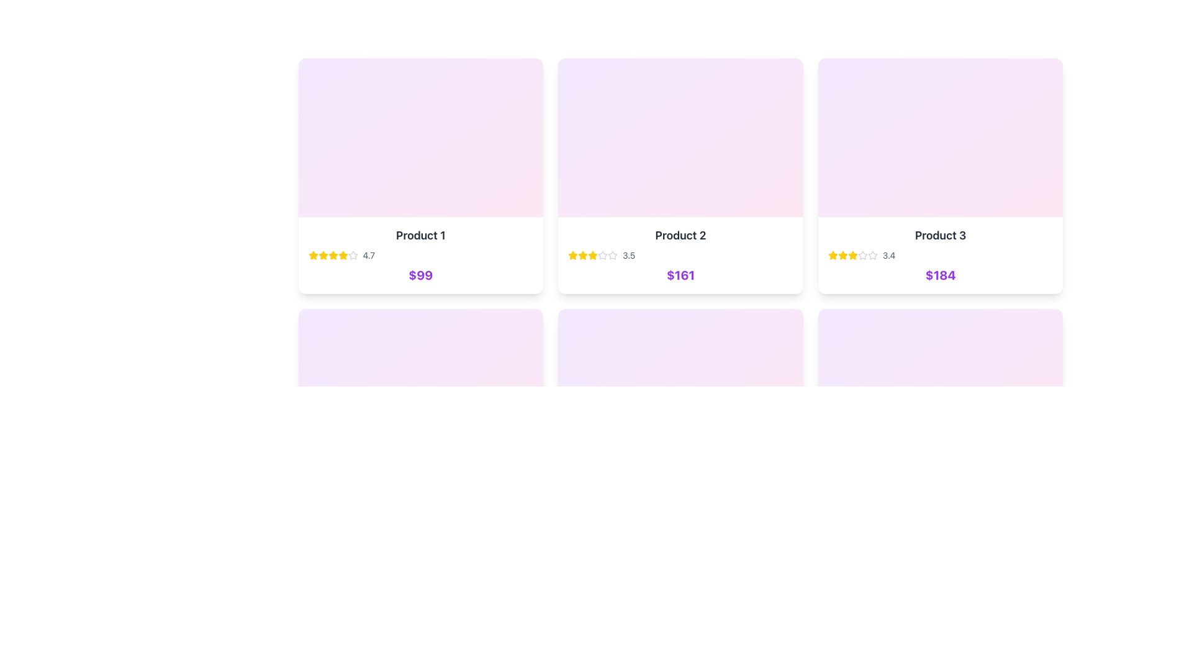 This screenshot has height=670, width=1192. I want to click on the bold text label displaying 'Product 3', so click(941, 236).